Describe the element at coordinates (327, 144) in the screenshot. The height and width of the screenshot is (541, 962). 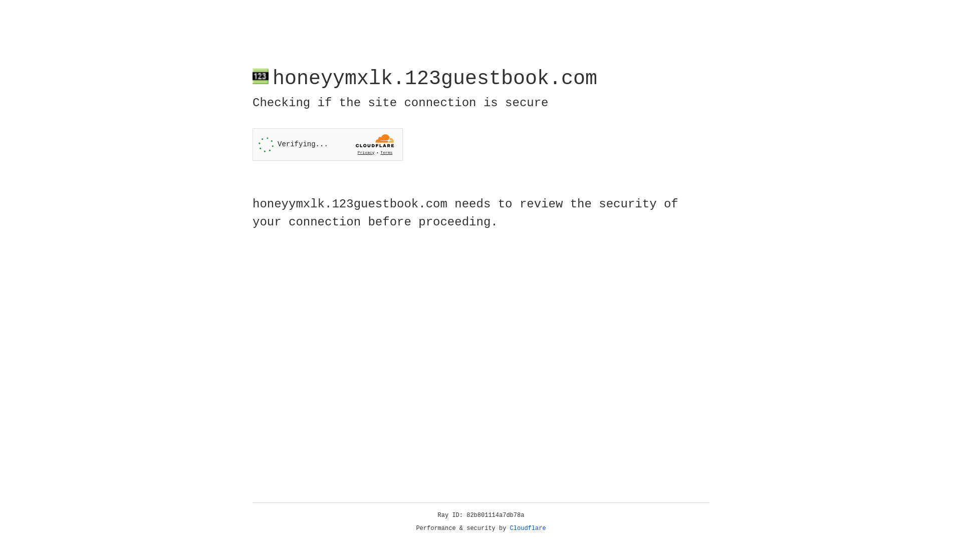
I see `'Widget containing a Cloudflare security challenge'` at that location.